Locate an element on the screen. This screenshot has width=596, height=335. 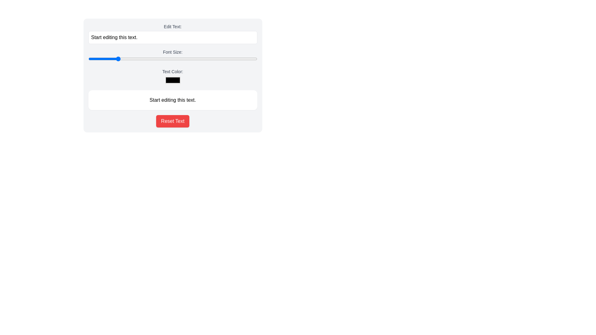
the rectangular button with a red background and white text labeled 'Reset Text', located at the bottom of the interface, to trigger hover effects is located at coordinates (173, 121).